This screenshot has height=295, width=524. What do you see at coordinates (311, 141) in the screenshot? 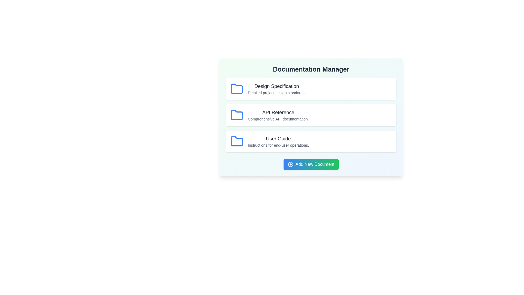
I see `the document item titled User Guide` at bounding box center [311, 141].